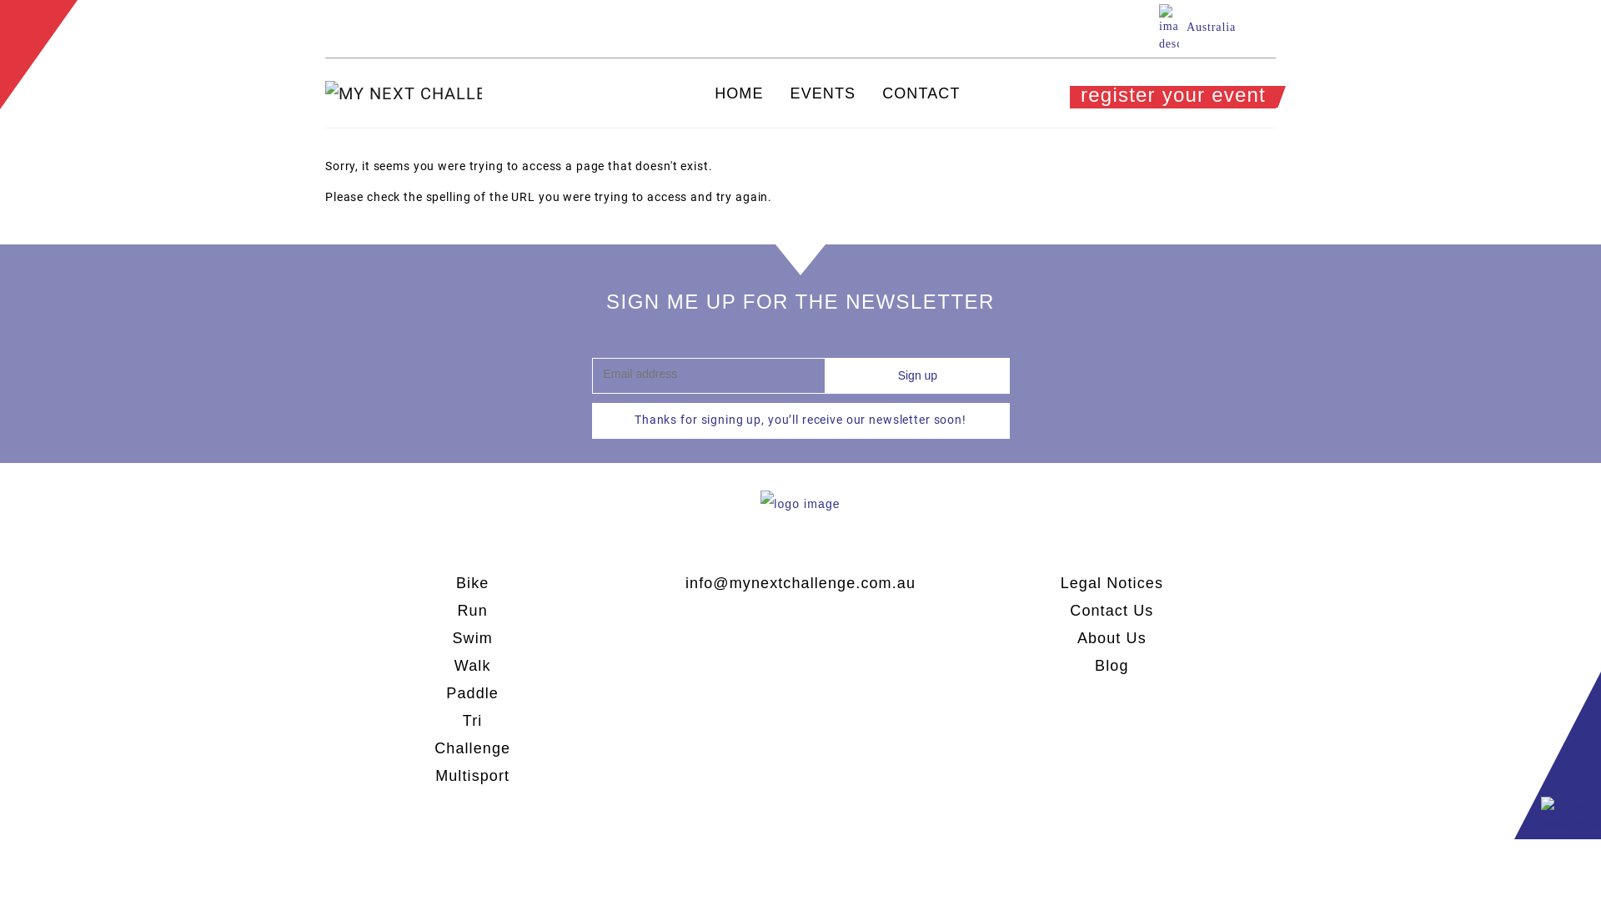 This screenshot has height=901, width=1601. Describe the element at coordinates (920, 94) in the screenshot. I see `'CONTACT'` at that location.